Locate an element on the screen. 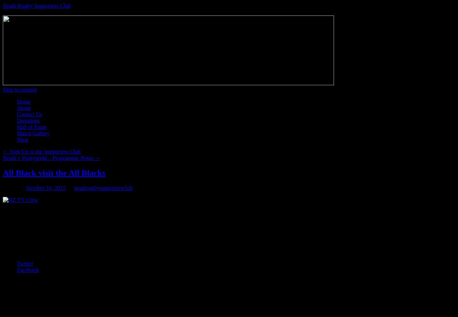 The height and width of the screenshot is (317, 458). 'Facebook' is located at coordinates (28, 269).